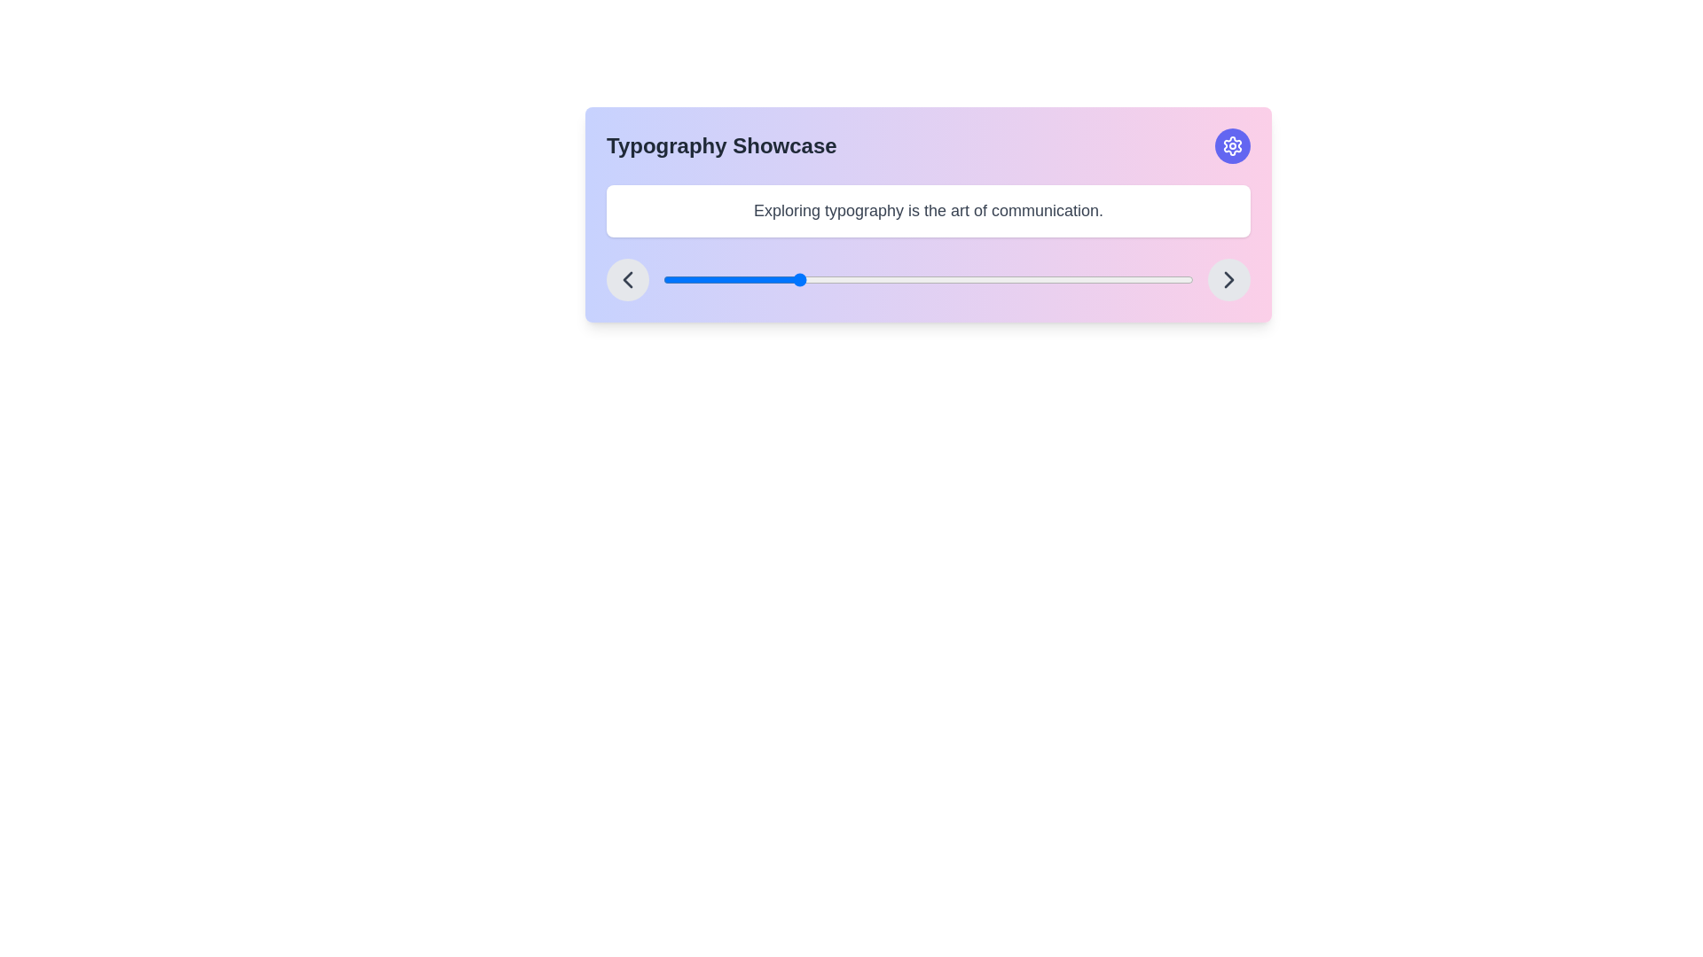 The image size is (1703, 957). I want to click on the slider, so click(927, 279).